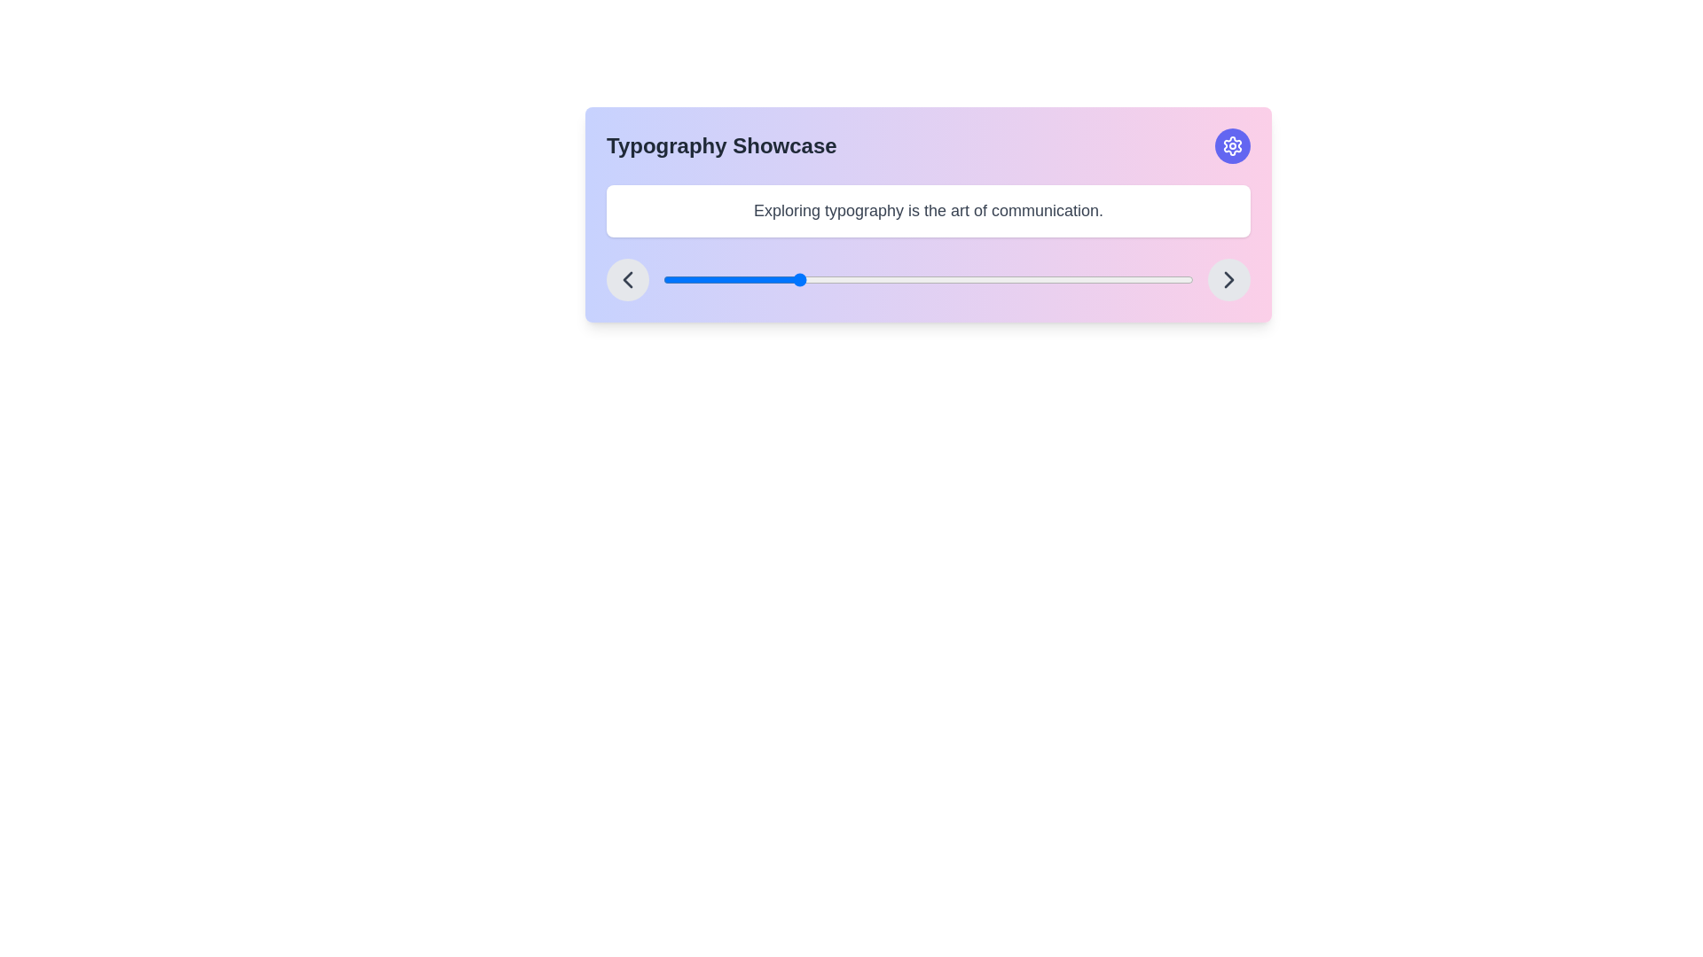 The image size is (1703, 957). I want to click on the slider, so click(927, 279).